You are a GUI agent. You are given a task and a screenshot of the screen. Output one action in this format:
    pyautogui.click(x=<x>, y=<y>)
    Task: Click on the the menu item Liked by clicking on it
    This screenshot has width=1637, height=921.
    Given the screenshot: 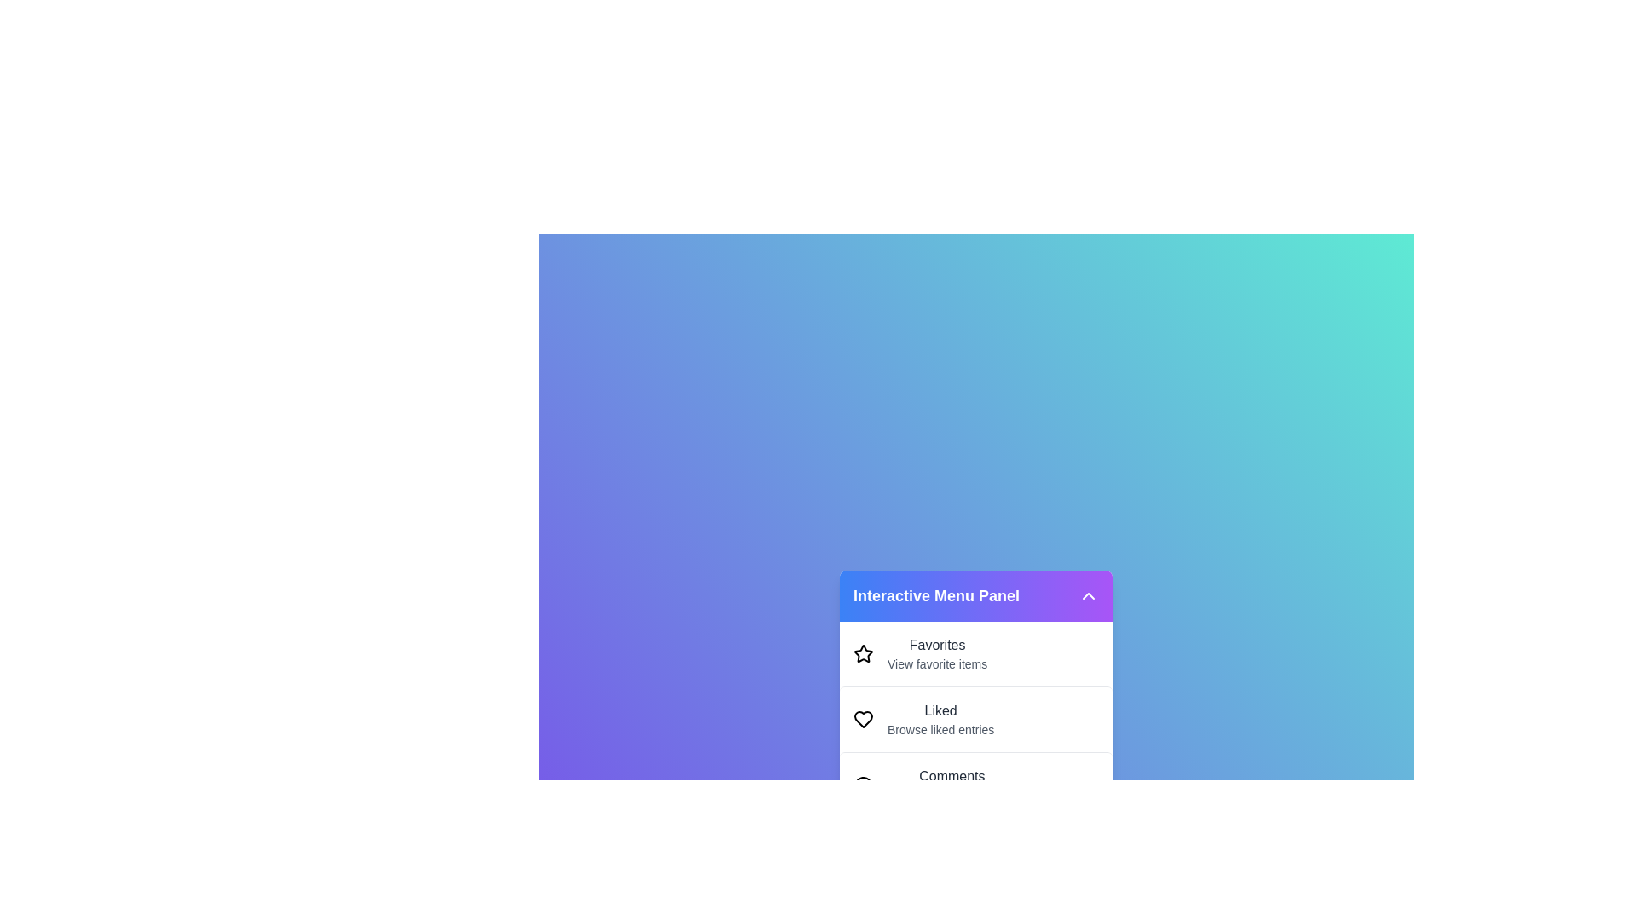 What is the action you would take?
    pyautogui.click(x=976, y=719)
    